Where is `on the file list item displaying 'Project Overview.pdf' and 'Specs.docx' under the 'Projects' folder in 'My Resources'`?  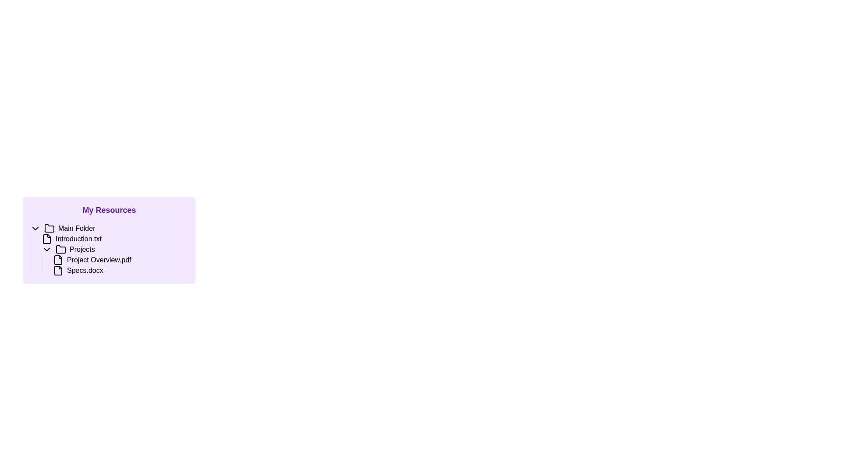
on the file list item displaying 'Project Overview.pdf' and 'Specs.docx' under the 'Projects' folder in 'My Resources' is located at coordinates (114, 265).